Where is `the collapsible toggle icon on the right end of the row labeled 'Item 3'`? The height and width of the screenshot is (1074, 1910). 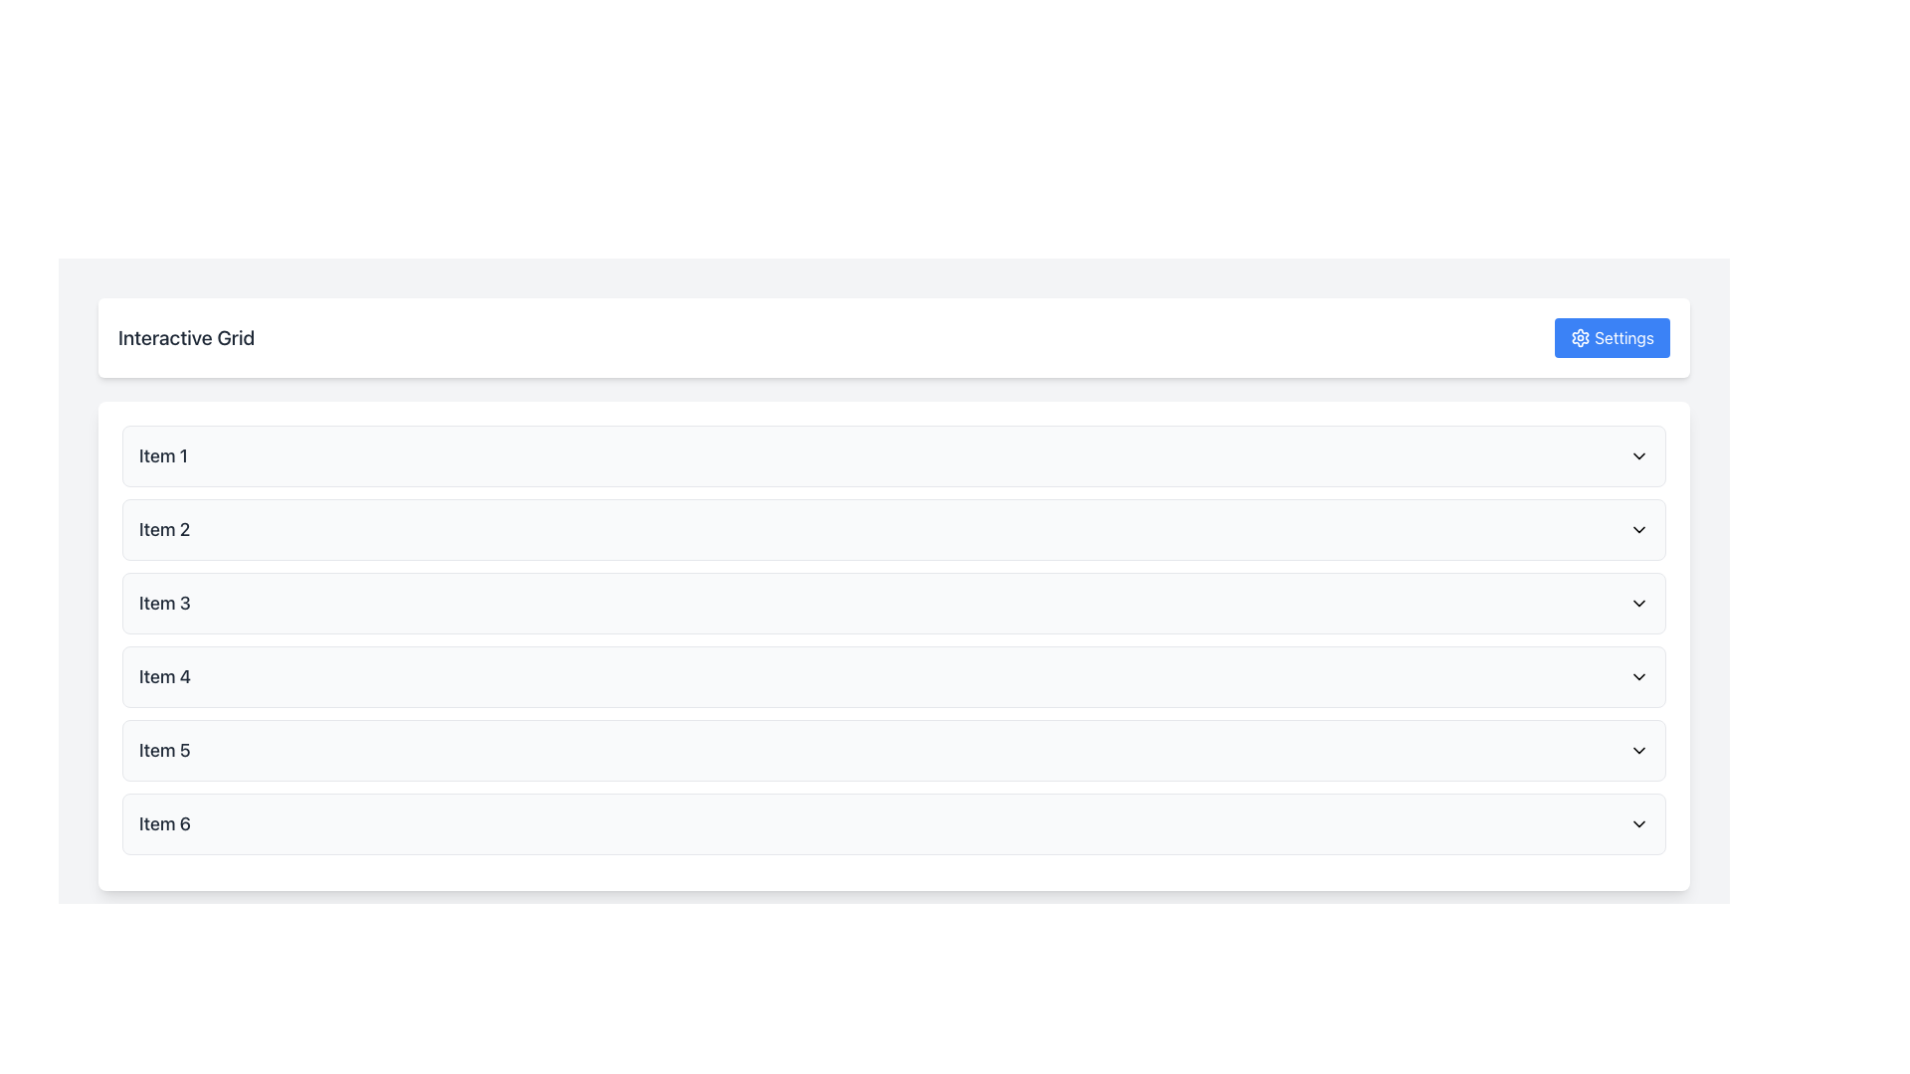
the collapsible toggle icon on the right end of the row labeled 'Item 3' is located at coordinates (1638, 602).